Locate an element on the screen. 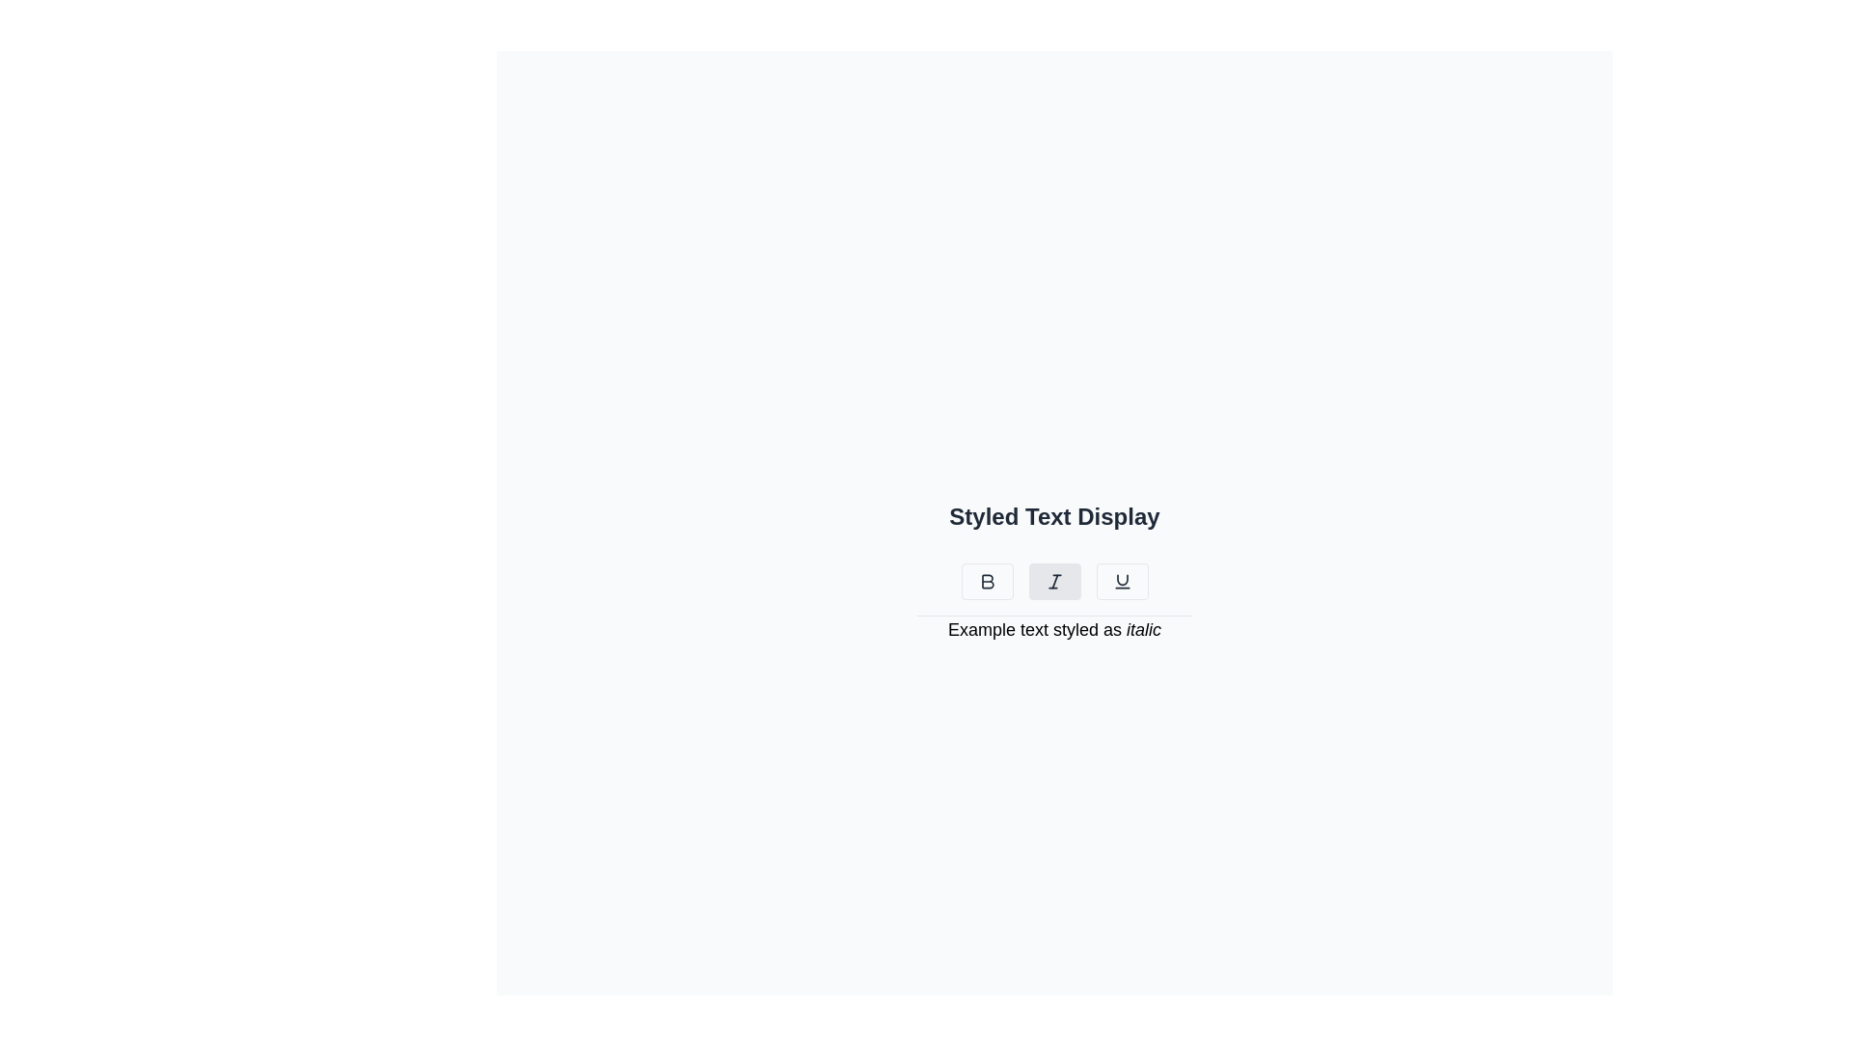 The image size is (1852, 1042). the button featuring an italicized 'I' icon, located between the 'B' and 'U' buttons is located at coordinates (1053, 580).